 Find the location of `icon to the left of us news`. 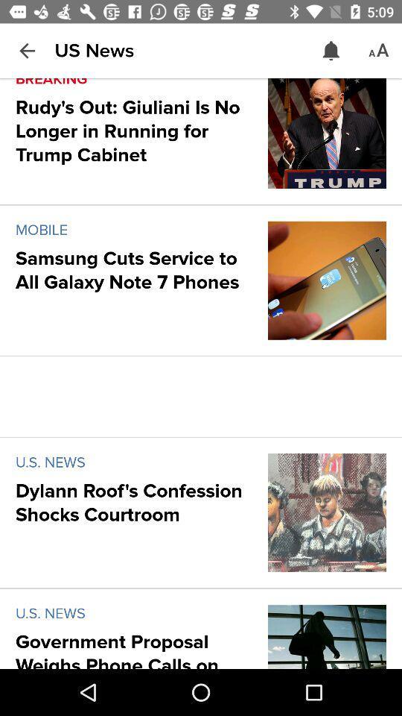

icon to the left of us news is located at coordinates (27, 51).